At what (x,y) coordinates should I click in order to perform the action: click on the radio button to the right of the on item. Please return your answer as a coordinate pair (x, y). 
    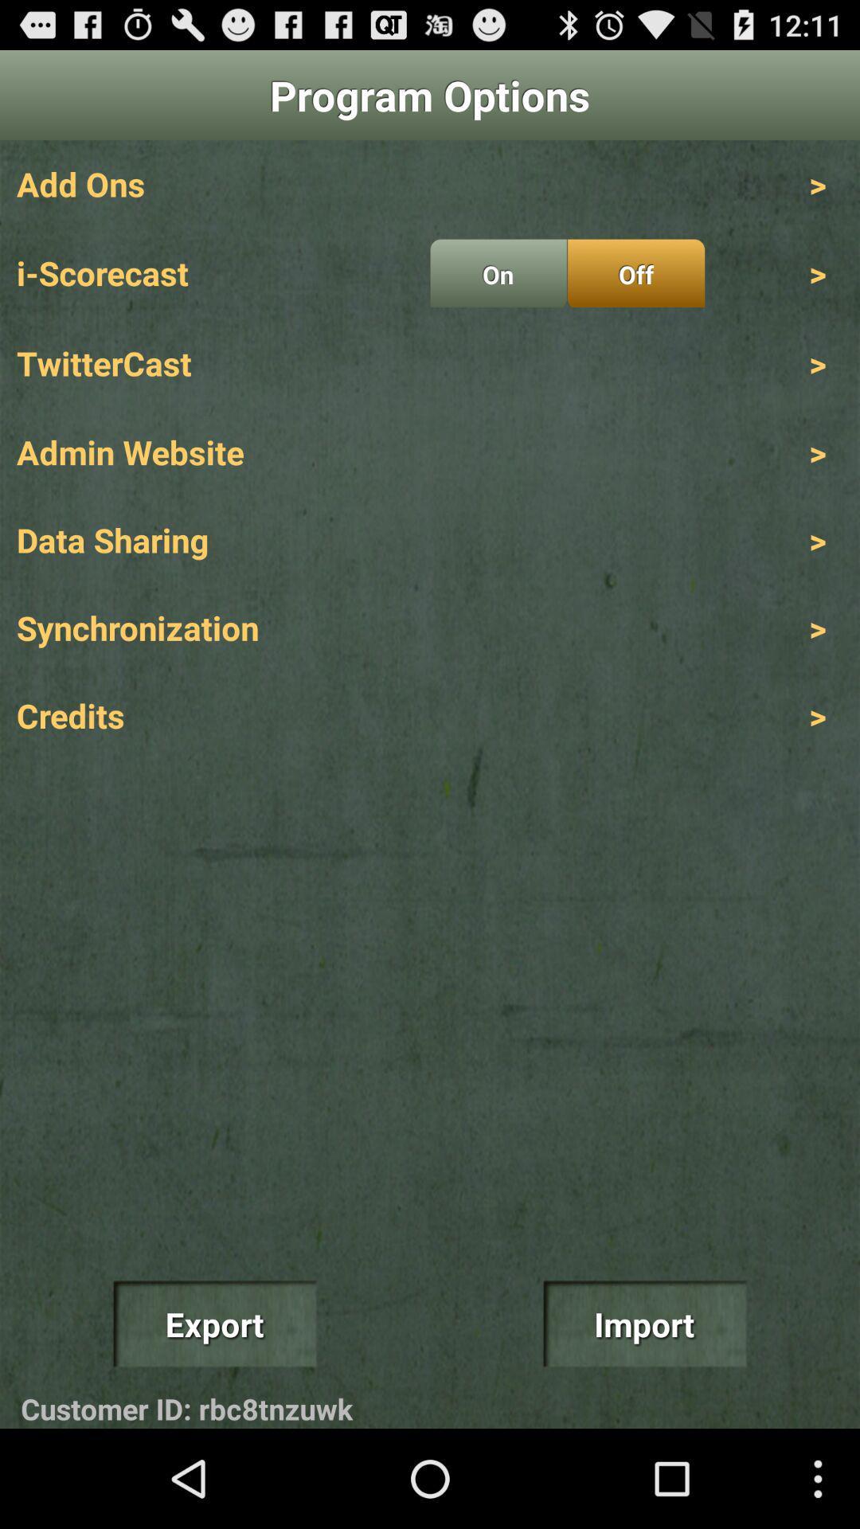
    Looking at the image, I should click on (635, 273).